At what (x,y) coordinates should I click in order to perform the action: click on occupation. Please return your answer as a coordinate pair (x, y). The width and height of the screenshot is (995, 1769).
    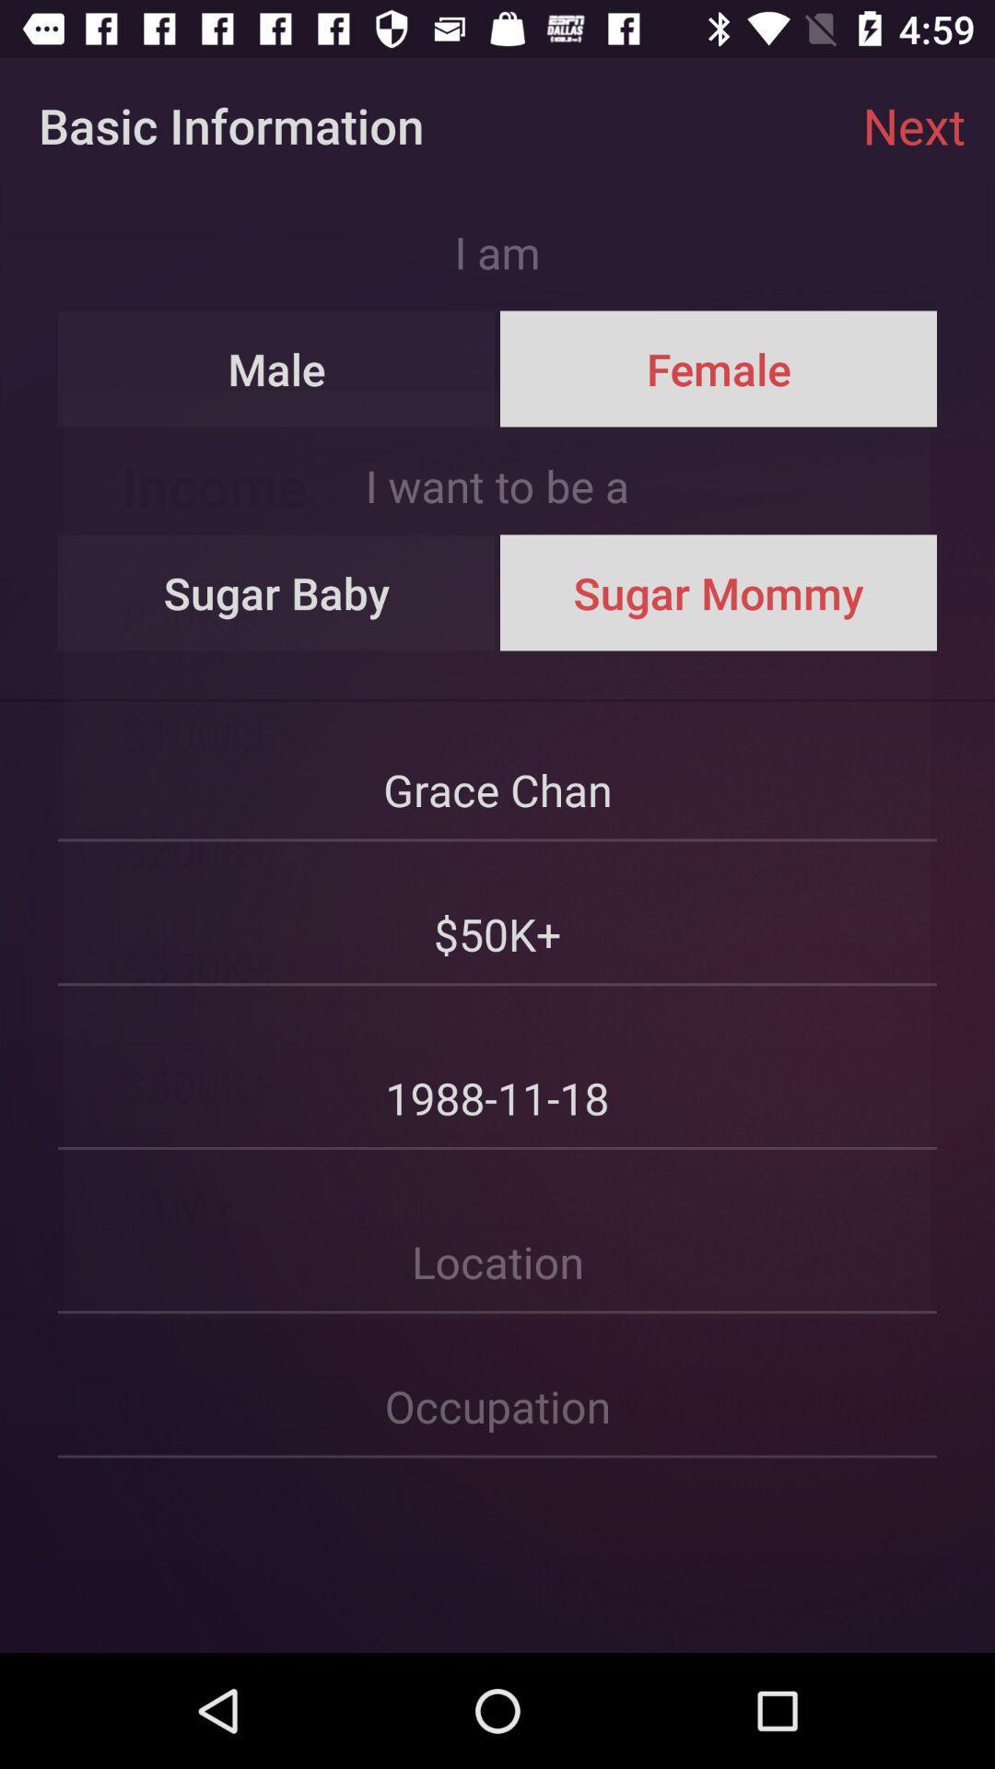
    Looking at the image, I should click on (497, 1387).